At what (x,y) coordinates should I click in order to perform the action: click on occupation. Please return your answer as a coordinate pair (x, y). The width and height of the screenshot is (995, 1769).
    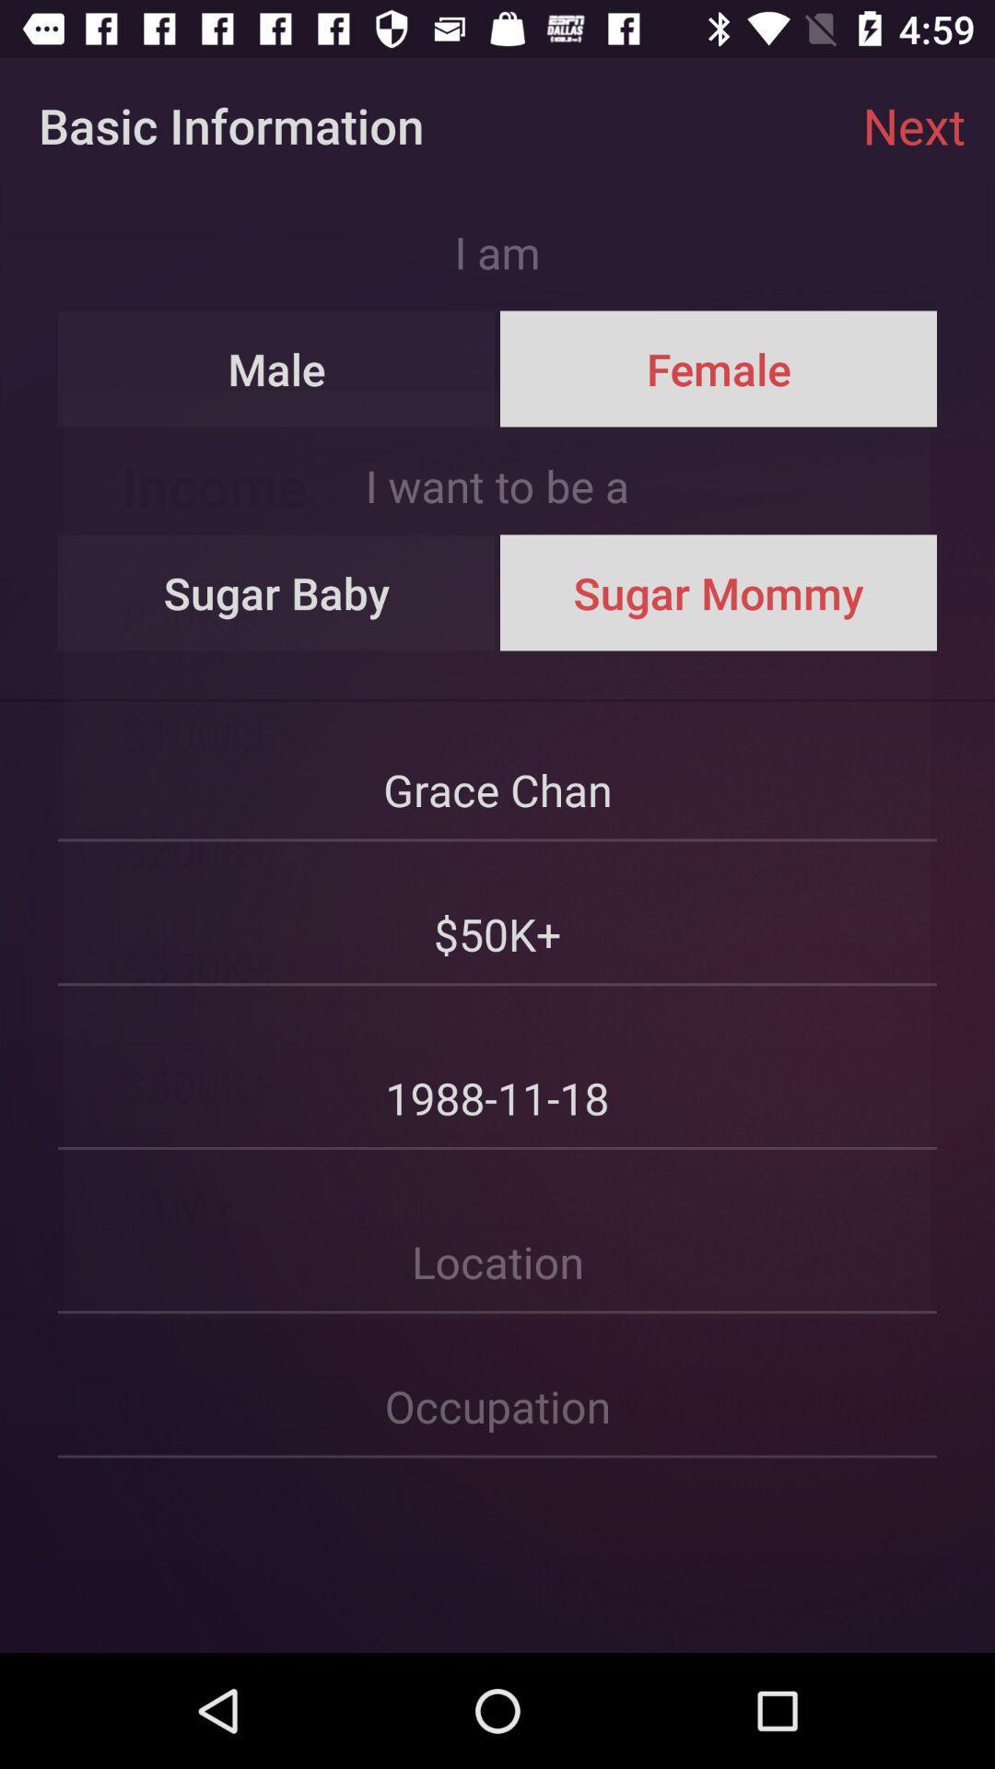
    Looking at the image, I should click on (497, 1387).